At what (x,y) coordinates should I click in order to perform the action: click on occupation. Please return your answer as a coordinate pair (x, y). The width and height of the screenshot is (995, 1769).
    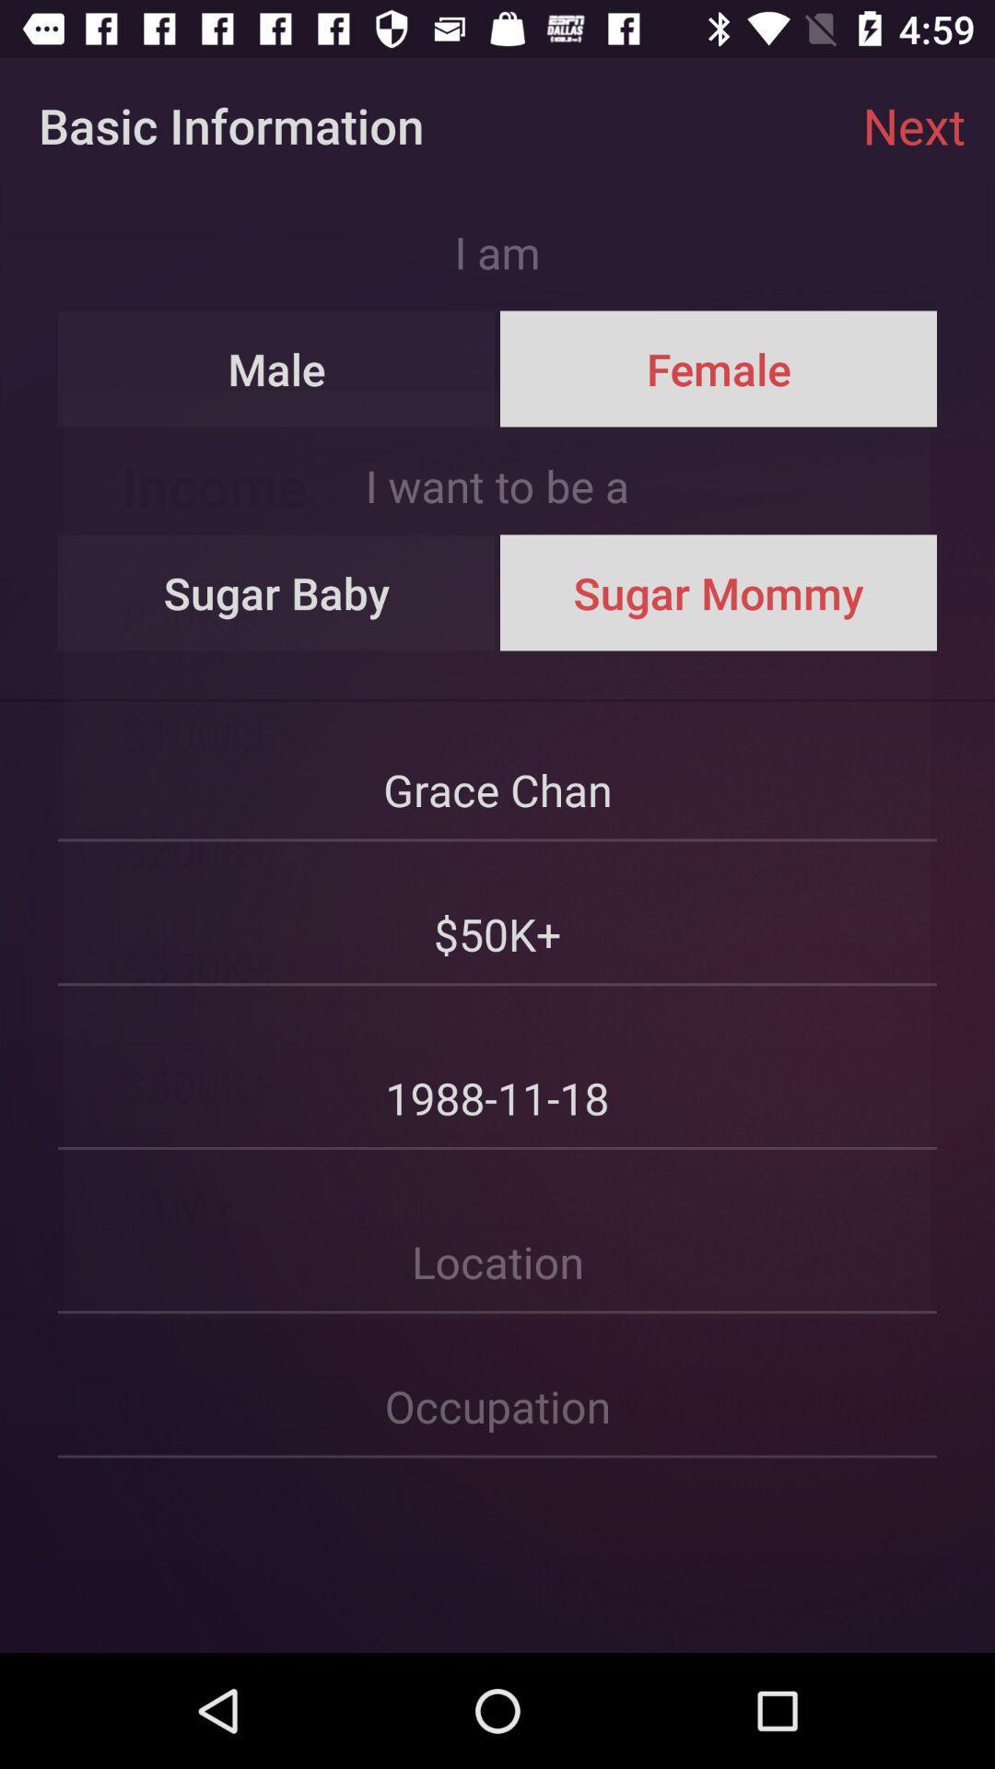
    Looking at the image, I should click on (497, 1387).